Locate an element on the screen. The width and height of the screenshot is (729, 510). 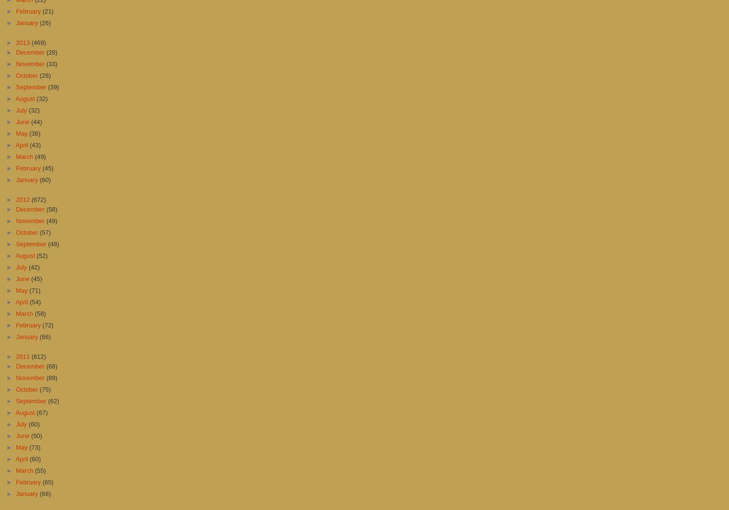
'(66)' is located at coordinates (45, 336).